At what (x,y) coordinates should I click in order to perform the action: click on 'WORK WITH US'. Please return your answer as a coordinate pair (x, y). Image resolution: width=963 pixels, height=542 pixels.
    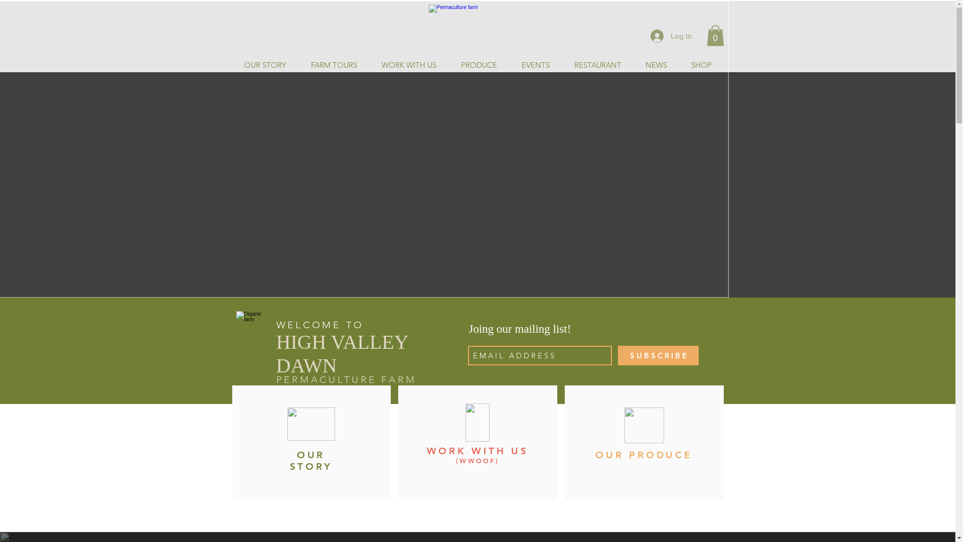
    Looking at the image, I should click on (476, 450).